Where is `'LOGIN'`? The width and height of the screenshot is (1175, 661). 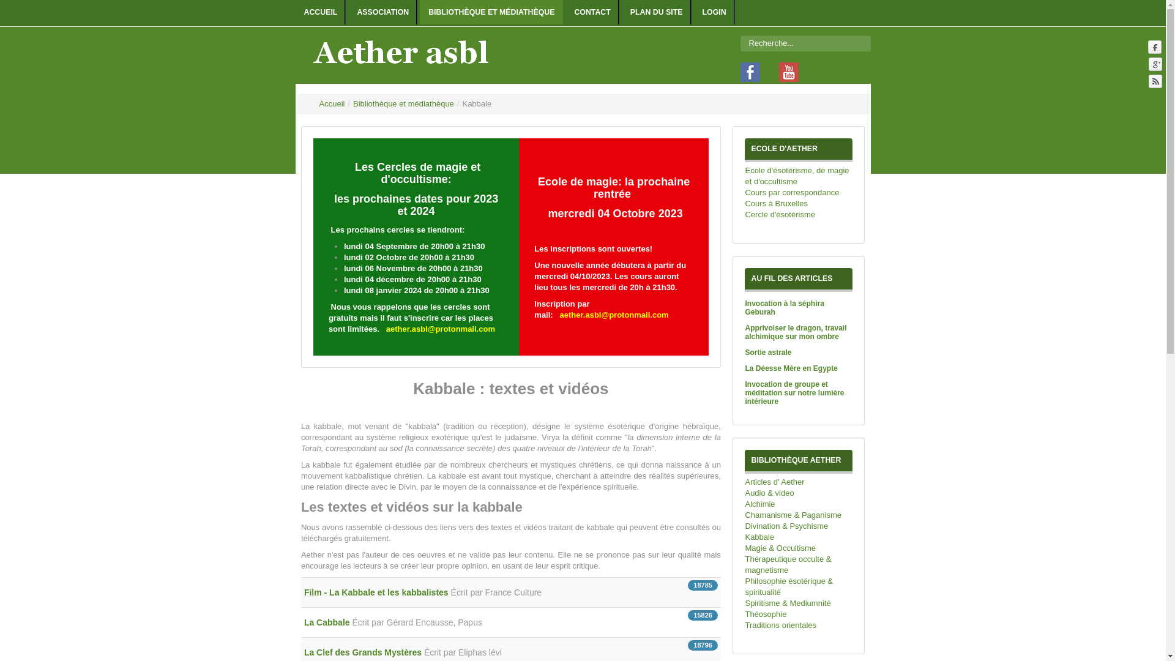 'LOGIN' is located at coordinates (714, 12).